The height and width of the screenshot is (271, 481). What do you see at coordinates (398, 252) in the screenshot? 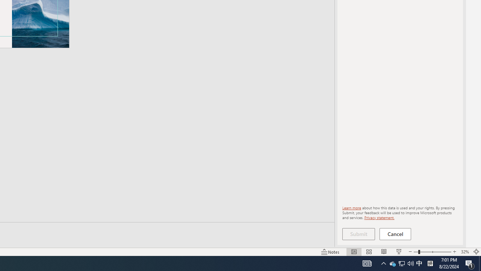
I see `'Slide Show'` at bounding box center [398, 252].